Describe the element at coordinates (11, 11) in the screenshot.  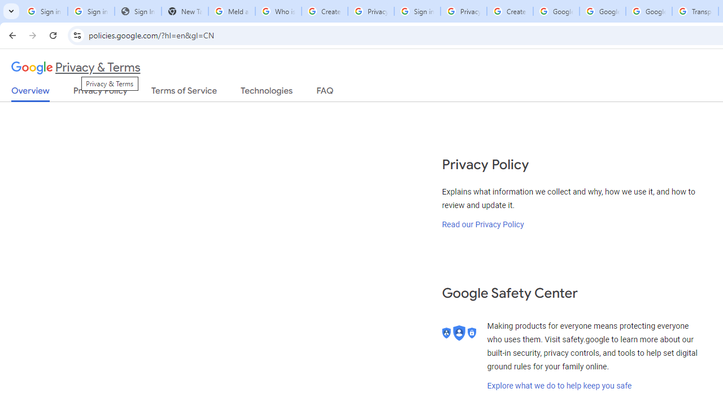
I see `'Search tabs'` at that location.